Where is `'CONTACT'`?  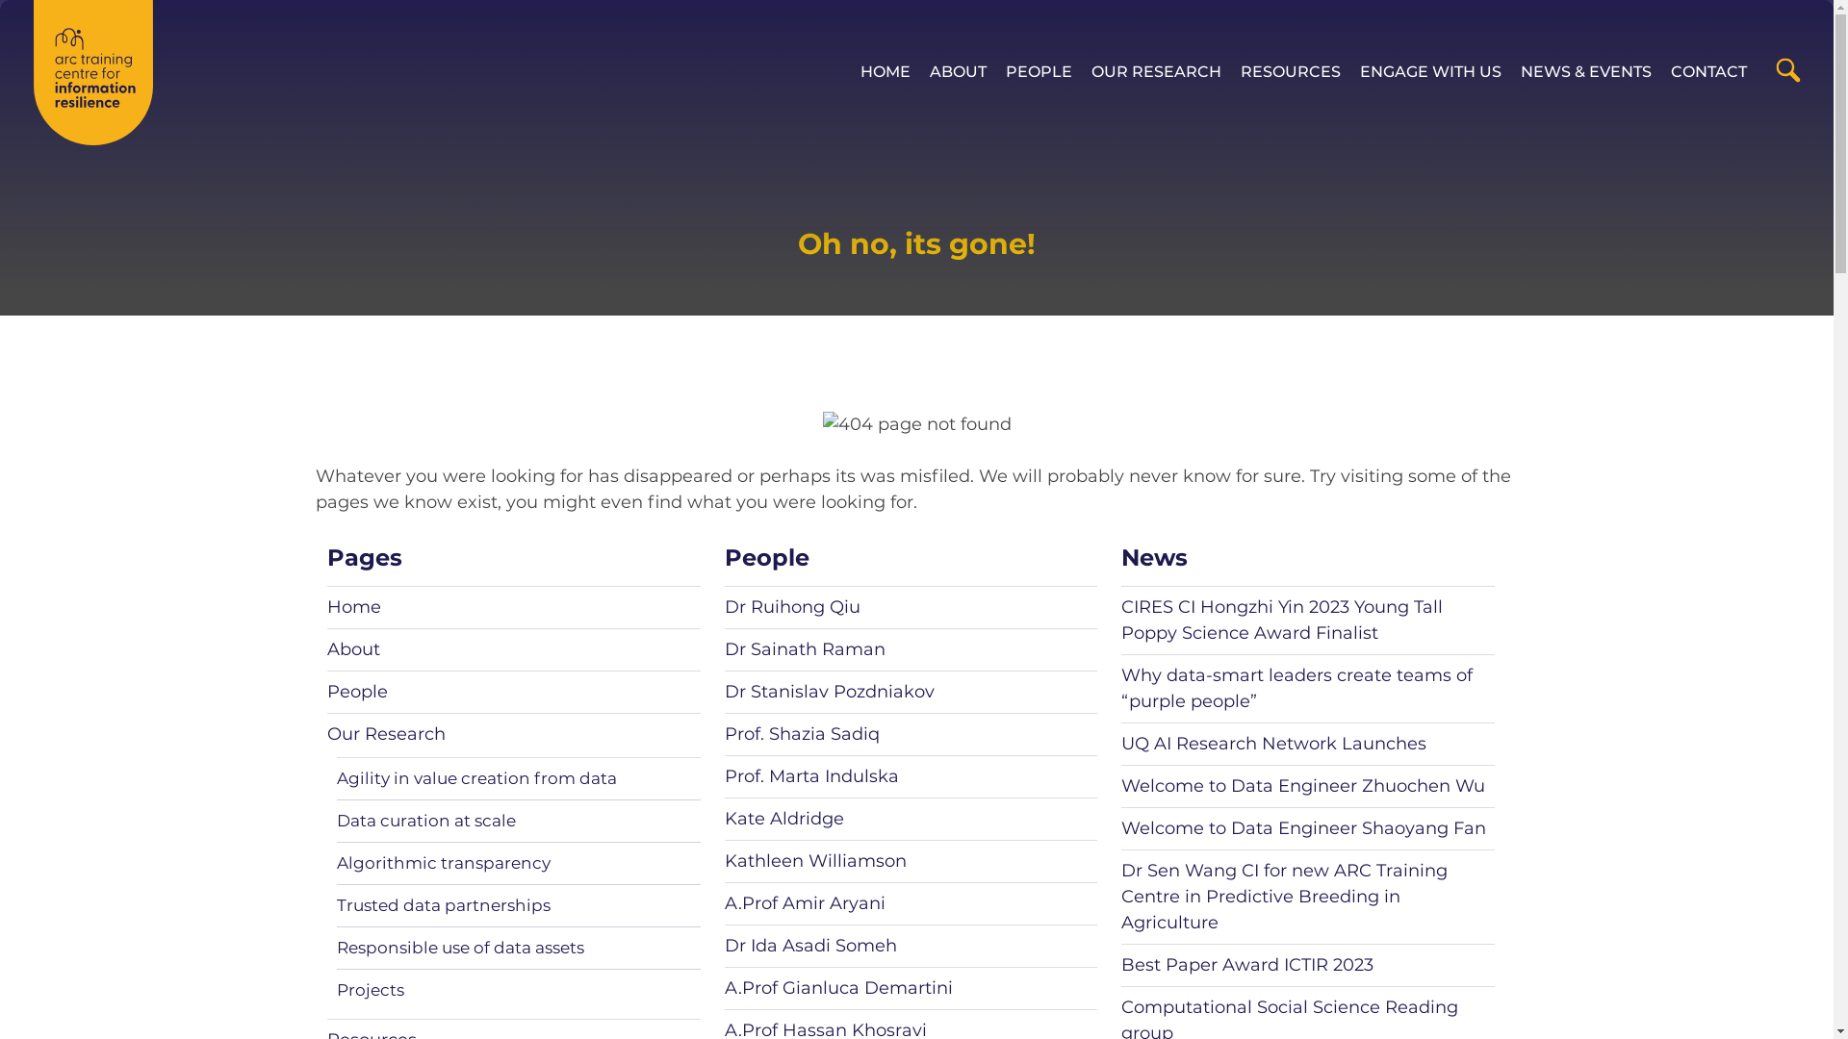 'CONTACT' is located at coordinates (1708, 70).